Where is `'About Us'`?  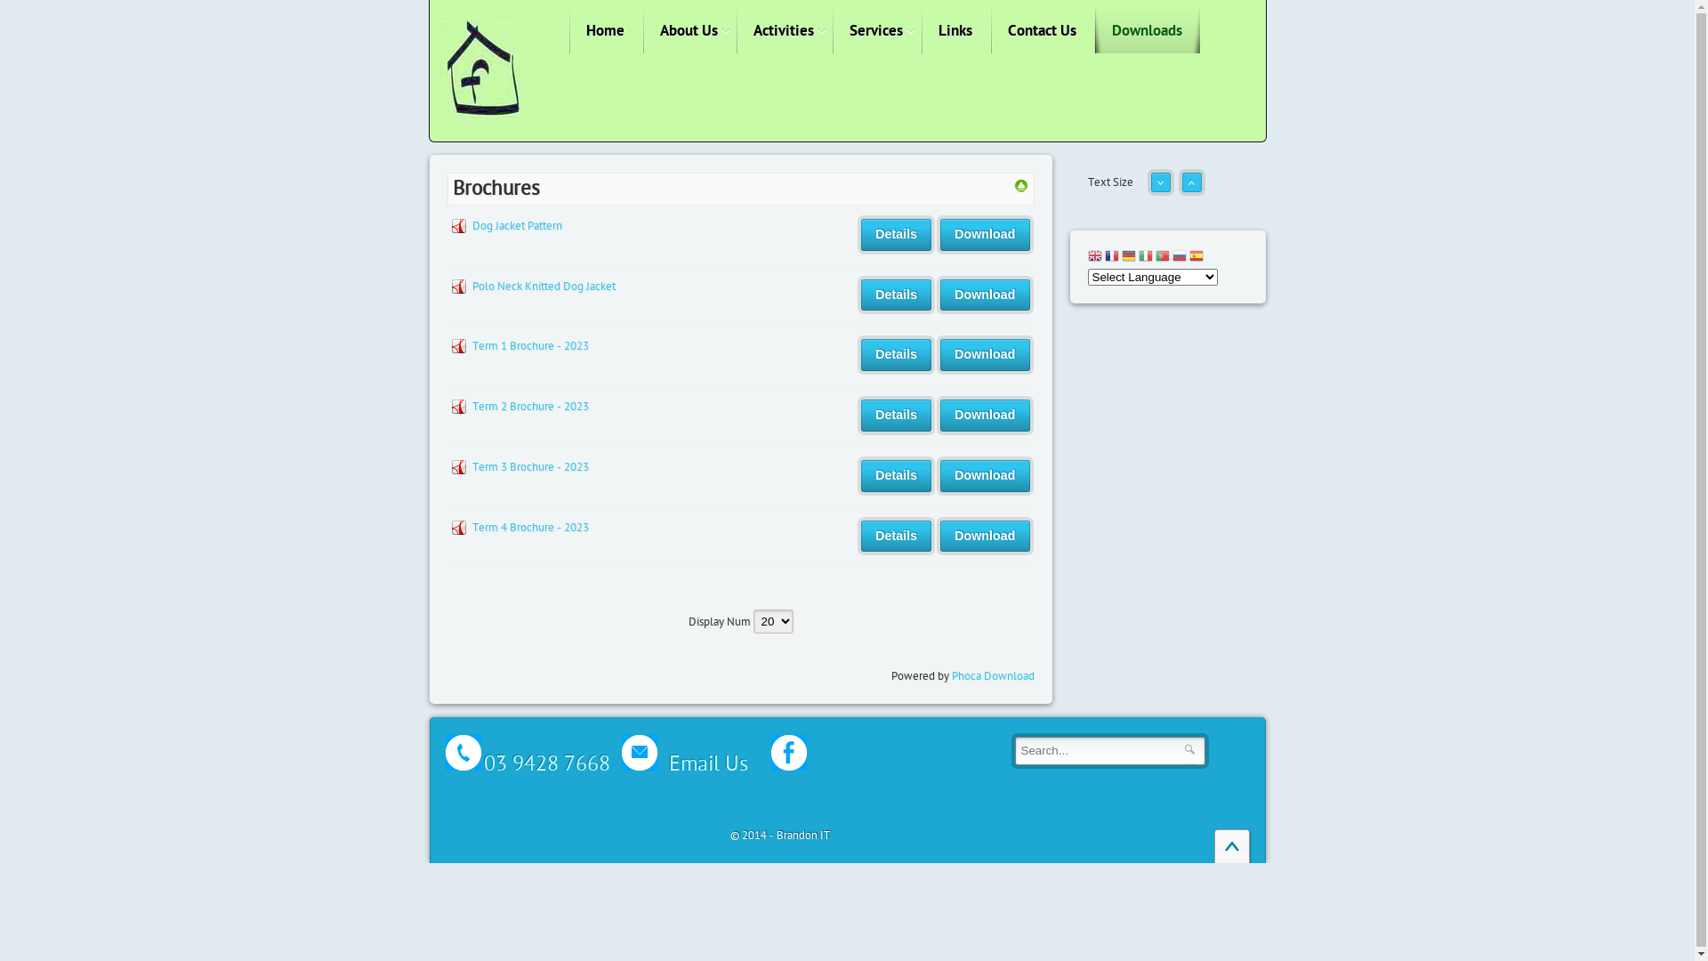
'About Us' is located at coordinates (688, 30).